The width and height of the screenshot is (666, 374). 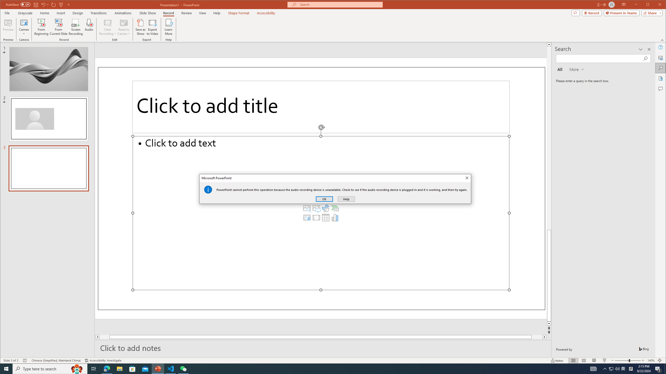 I want to click on 'Maximize', so click(x=655, y=5).